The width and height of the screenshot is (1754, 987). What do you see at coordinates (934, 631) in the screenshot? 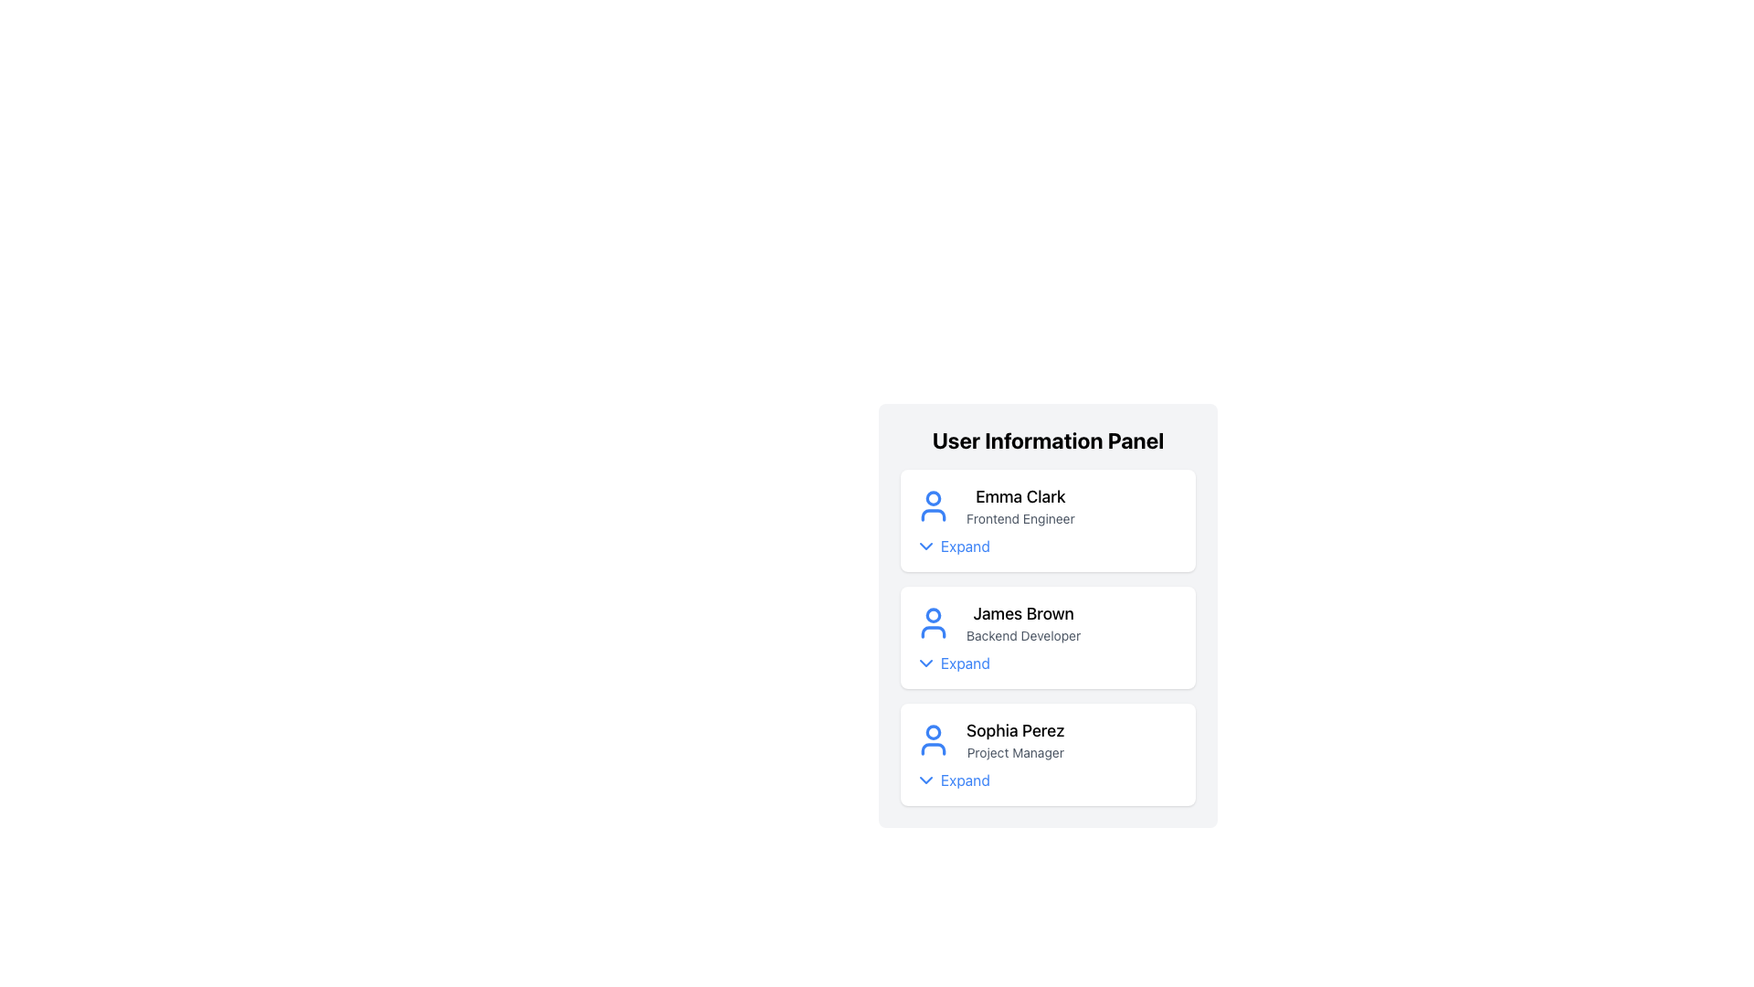
I see `the bottom arc of the user profile icon for 'James Brown' in the user information panel, which is styled with a blue outline and located inside the second user section` at bounding box center [934, 631].